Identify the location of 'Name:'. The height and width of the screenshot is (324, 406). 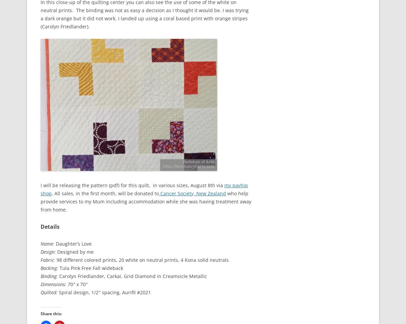
(48, 243).